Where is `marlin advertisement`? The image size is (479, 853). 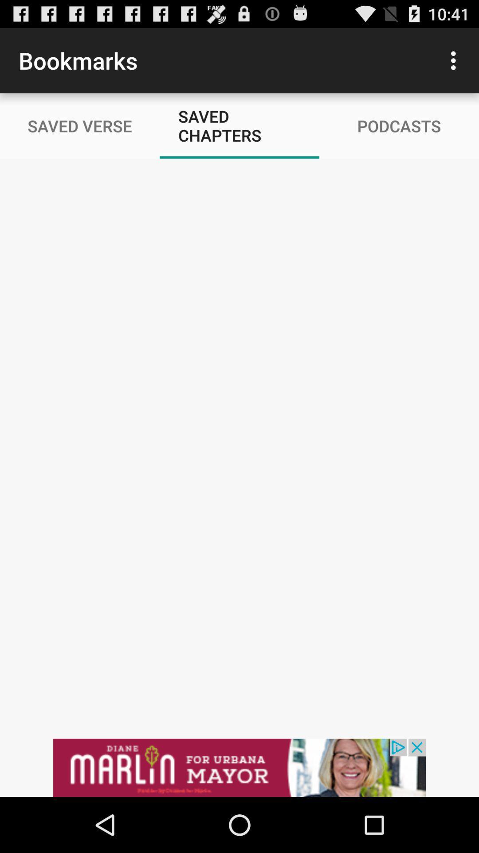 marlin advertisement is located at coordinates (239, 767).